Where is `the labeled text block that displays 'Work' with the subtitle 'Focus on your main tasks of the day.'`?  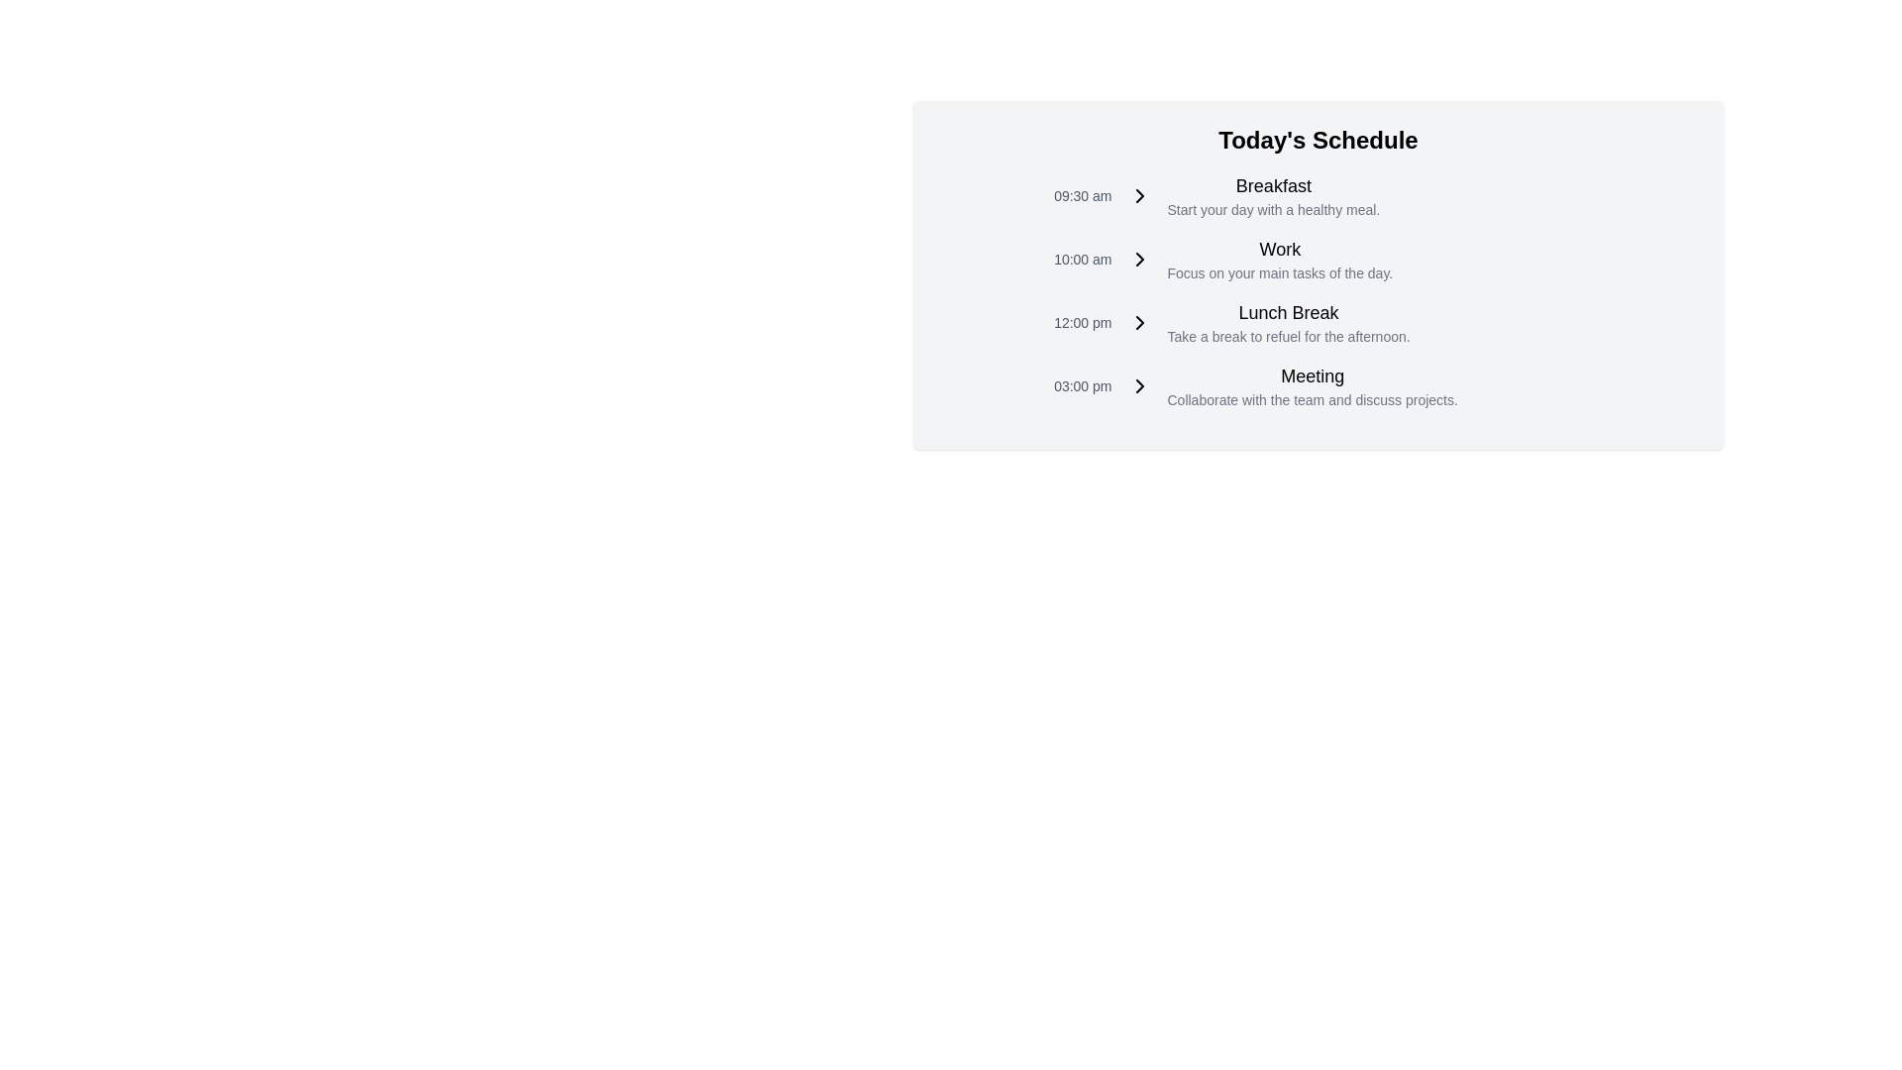 the labeled text block that displays 'Work' with the subtitle 'Focus on your main tasks of the day.' is located at coordinates (1272, 259).